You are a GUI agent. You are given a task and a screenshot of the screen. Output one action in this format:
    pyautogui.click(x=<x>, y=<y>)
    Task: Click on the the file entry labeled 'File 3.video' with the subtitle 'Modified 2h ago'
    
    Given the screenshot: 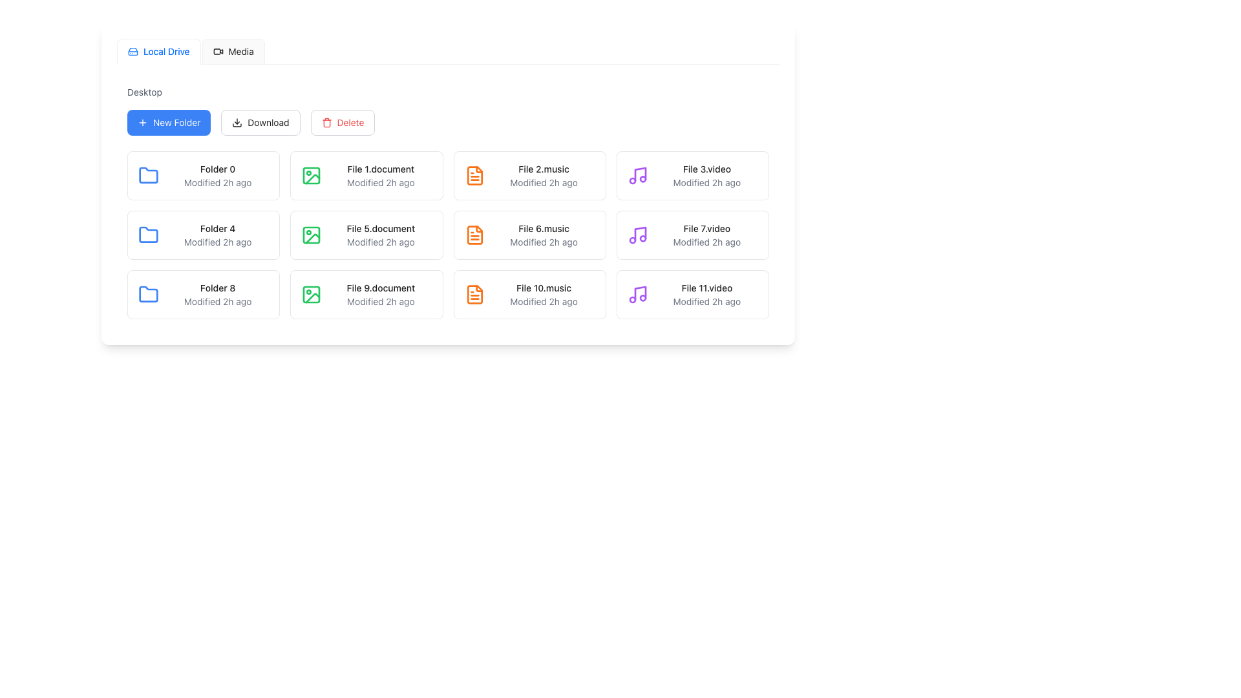 What is the action you would take?
    pyautogui.click(x=706, y=176)
    